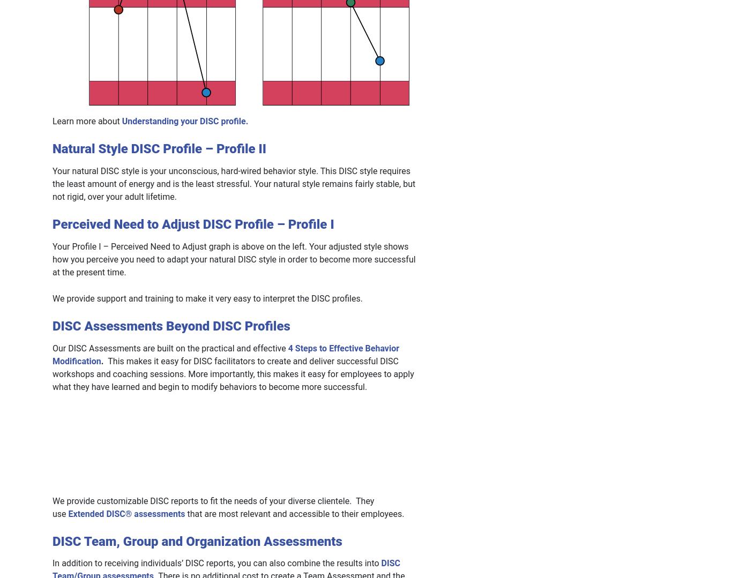 The height and width of the screenshot is (578, 732). Describe the element at coordinates (159, 148) in the screenshot. I see `'Natural Style DISC Profile – Profile II'` at that location.